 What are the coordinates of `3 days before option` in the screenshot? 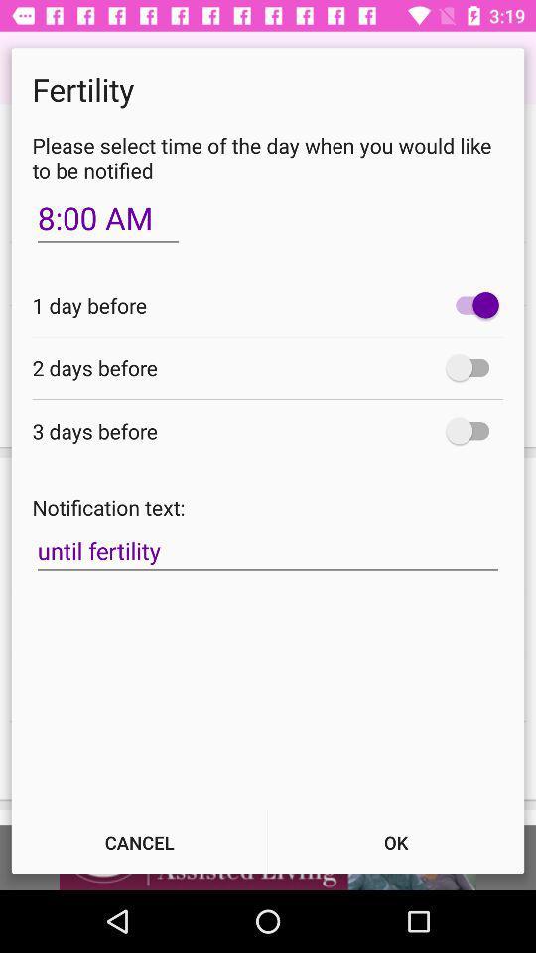 It's located at (471, 431).